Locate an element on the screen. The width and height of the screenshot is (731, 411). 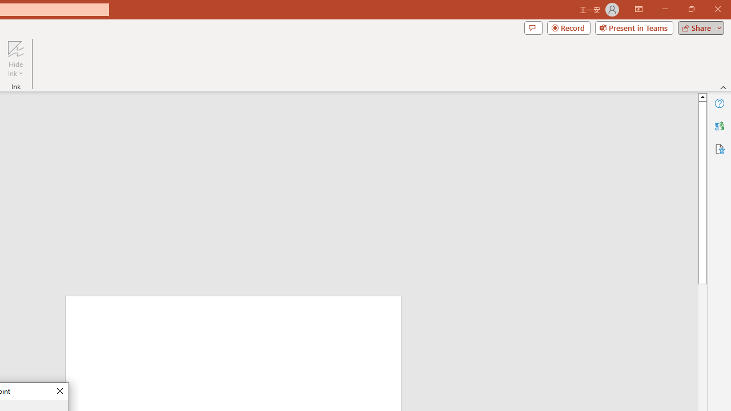
'Minimize' is located at coordinates (665, 9).